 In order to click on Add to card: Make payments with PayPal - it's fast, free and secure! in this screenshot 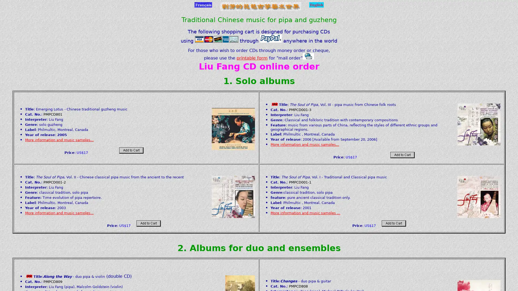, I will do `click(131, 150)`.